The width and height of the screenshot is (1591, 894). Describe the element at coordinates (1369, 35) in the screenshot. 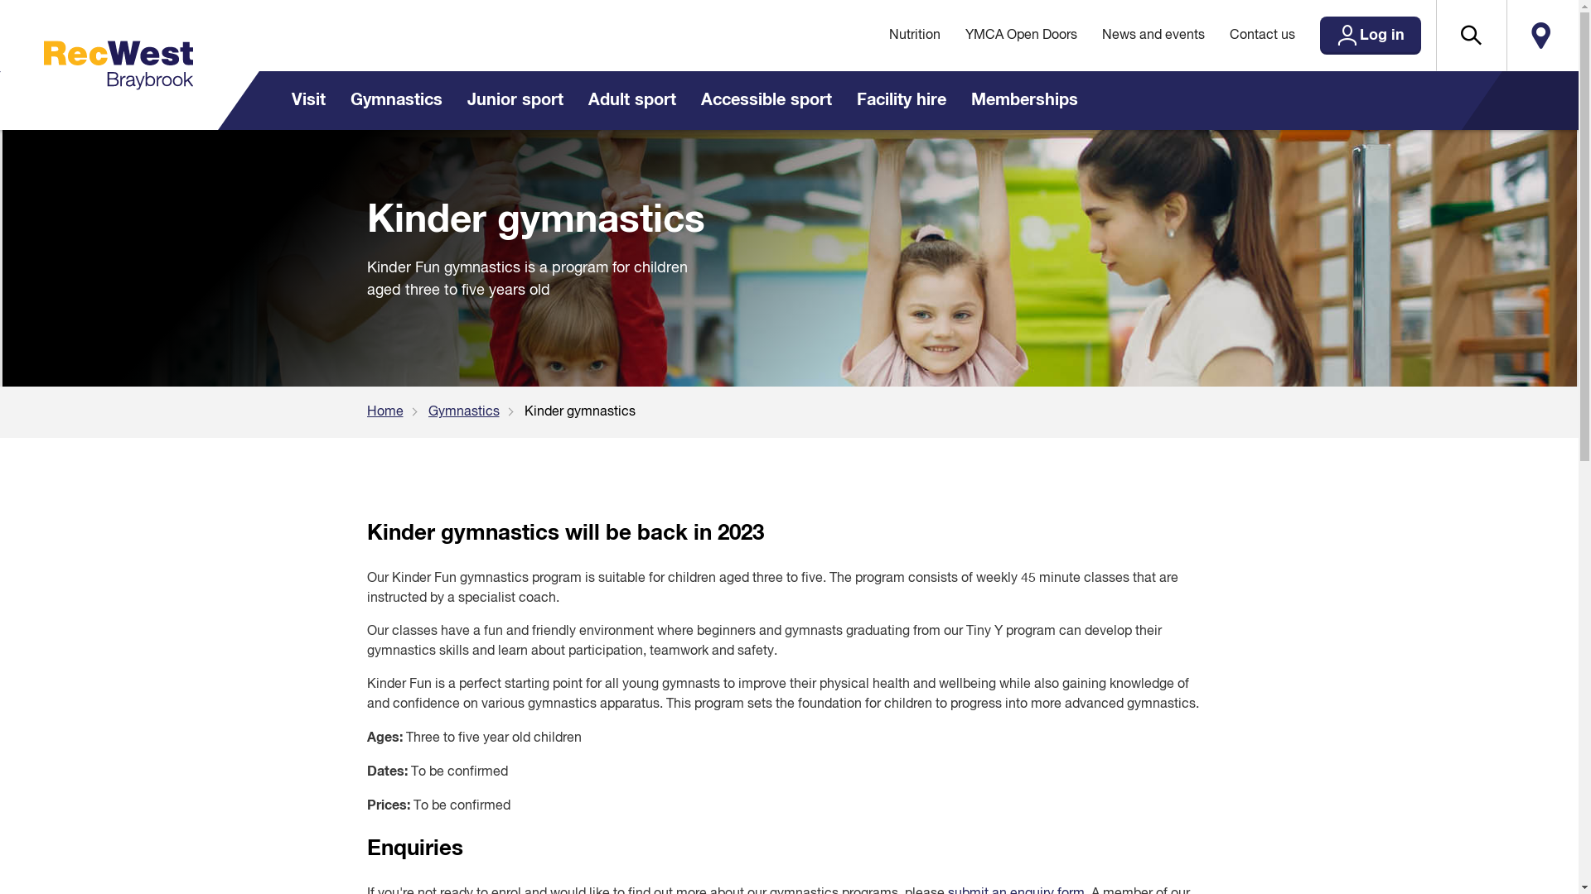

I see `'Log in'` at that location.